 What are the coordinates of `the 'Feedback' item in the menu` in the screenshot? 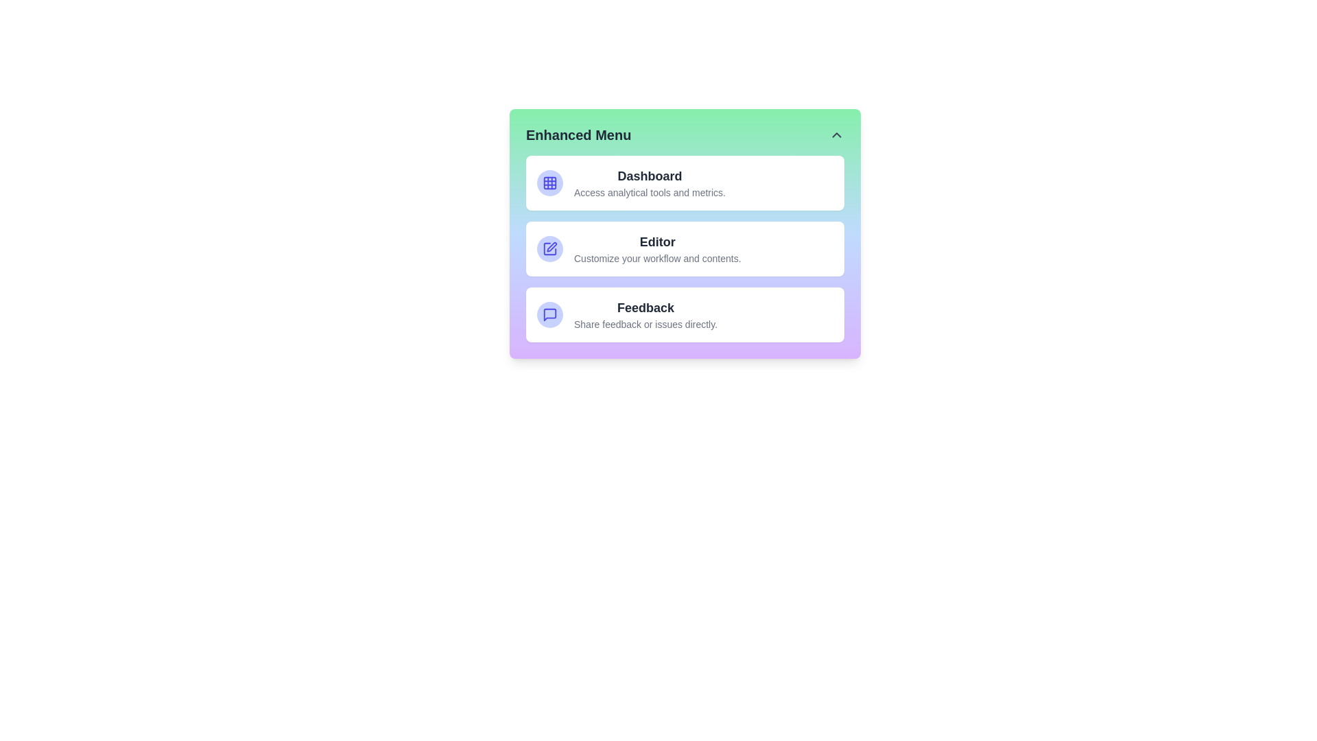 It's located at (685, 315).